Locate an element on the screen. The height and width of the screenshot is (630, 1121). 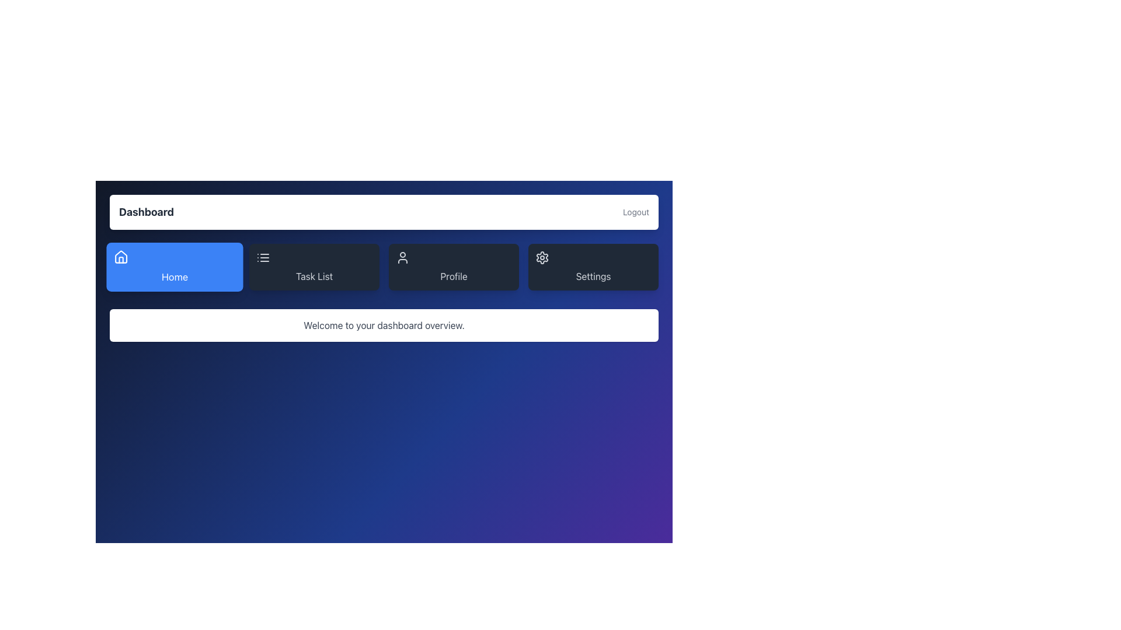
the 'Dashboard' text label, which is styled in bold dark gray font against a white background is located at coordinates (145, 212).